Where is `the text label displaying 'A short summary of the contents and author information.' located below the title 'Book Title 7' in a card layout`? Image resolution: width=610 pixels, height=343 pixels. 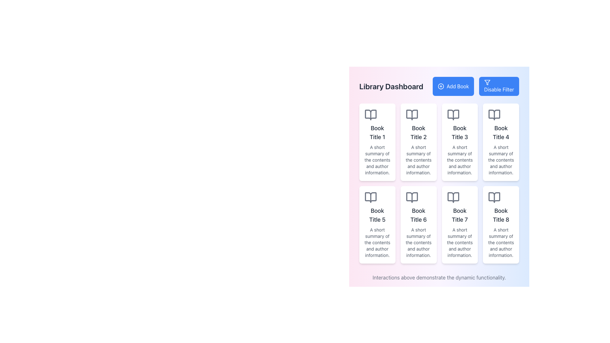 the text label displaying 'A short summary of the contents and author information.' located below the title 'Book Title 7' in a card layout is located at coordinates (460, 242).